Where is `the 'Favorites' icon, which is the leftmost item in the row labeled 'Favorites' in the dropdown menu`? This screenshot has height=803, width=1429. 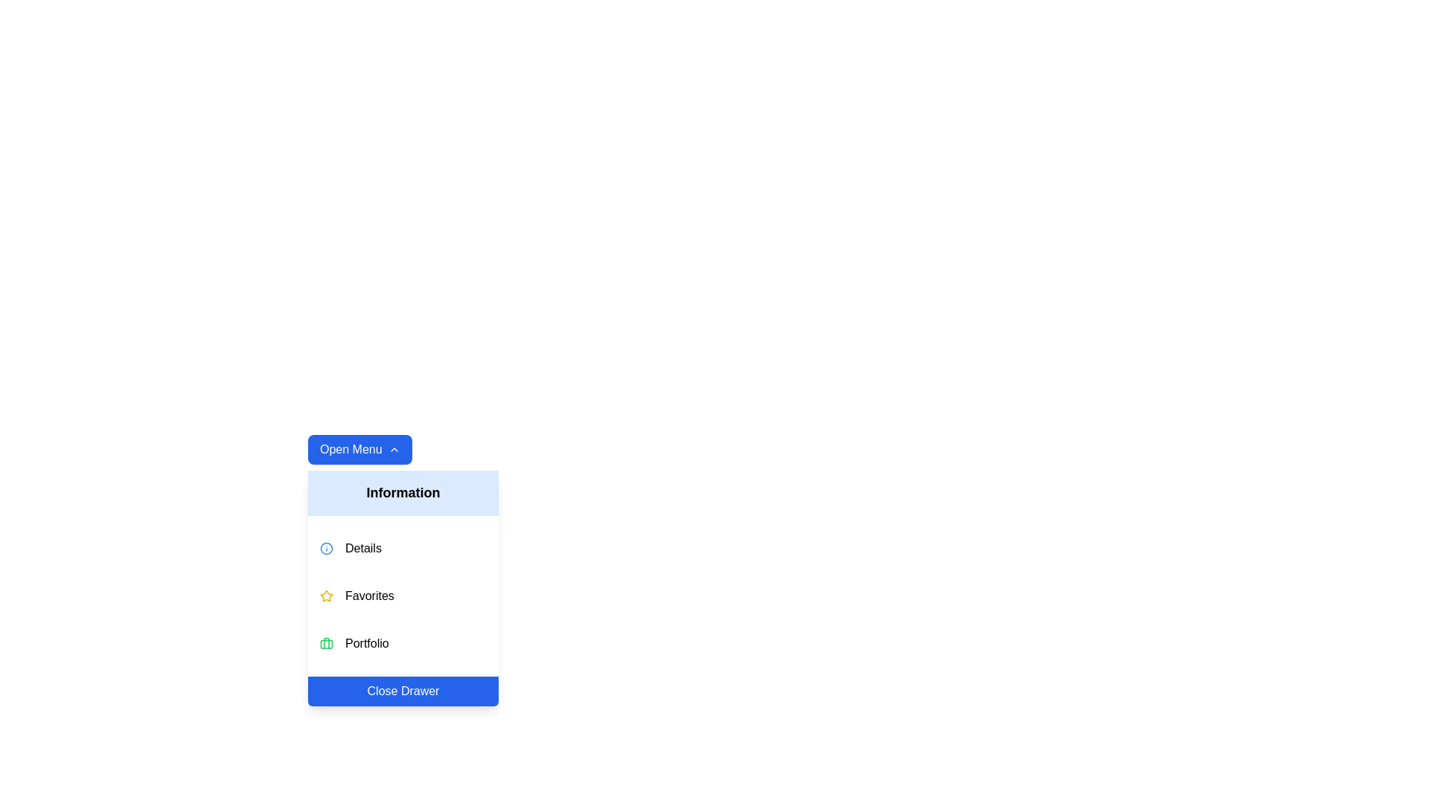
the 'Favorites' icon, which is the leftmost item in the row labeled 'Favorites' in the dropdown menu is located at coordinates (325, 596).